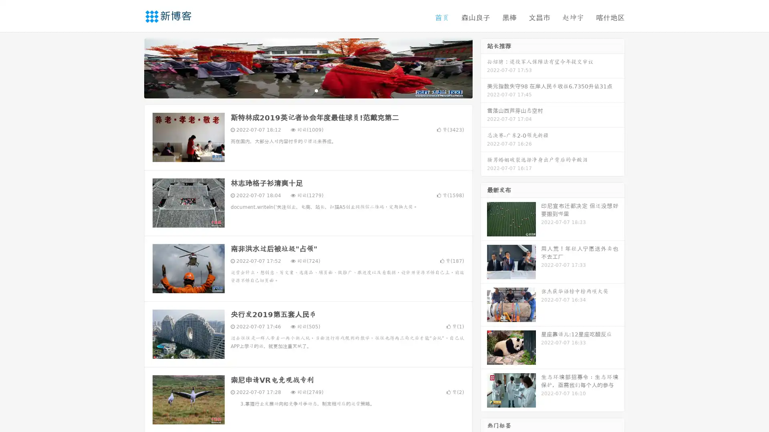 The height and width of the screenshot is (432, 769). What do you see at coordinates (316, 90) in the screenshot?
I see `Go to slide 3` at bounding box center [316, 90].